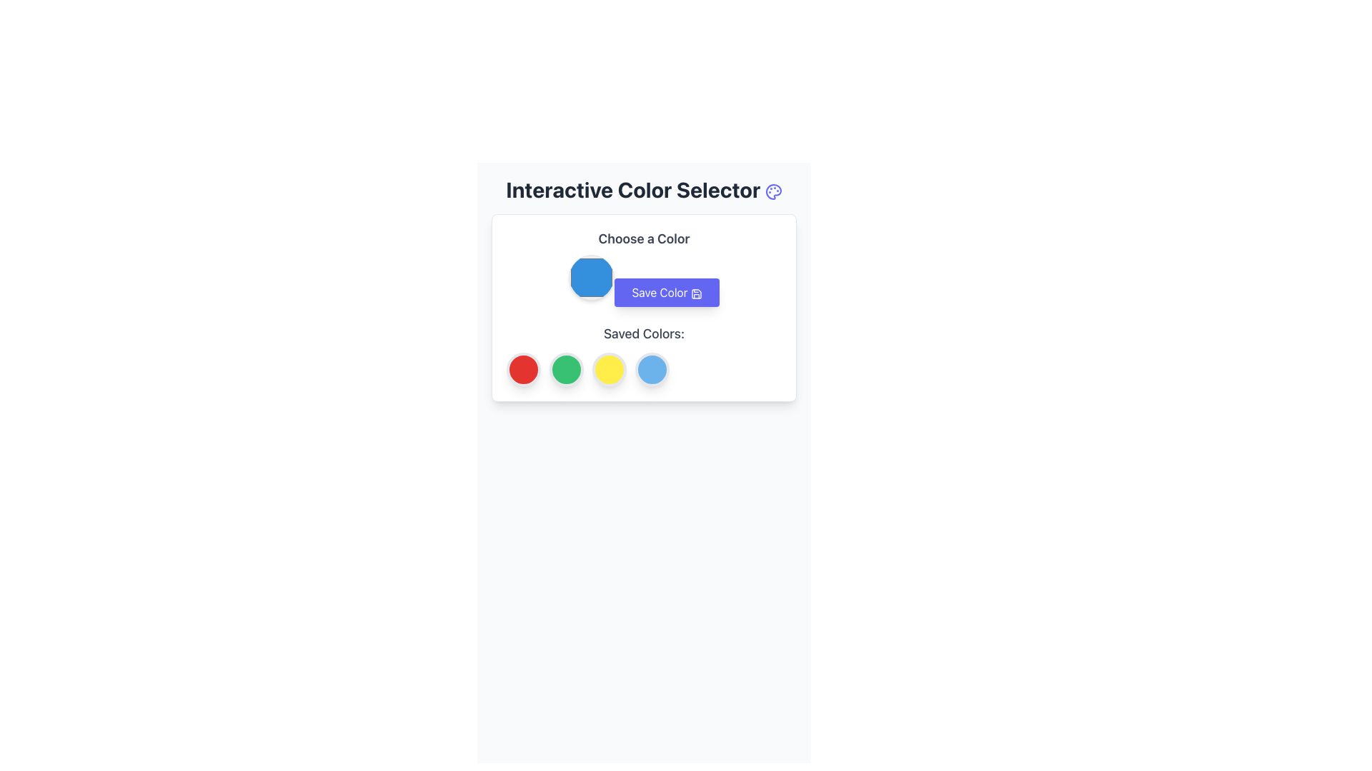 Image resolution: width=1372 pixels, height=771 pixels. Describe the element at coordinates (696, 293) in the screenshot. I see `the save icon, which resembles an outline of a floppy disk, located within the 'Save Color' button in the panel` at that location.